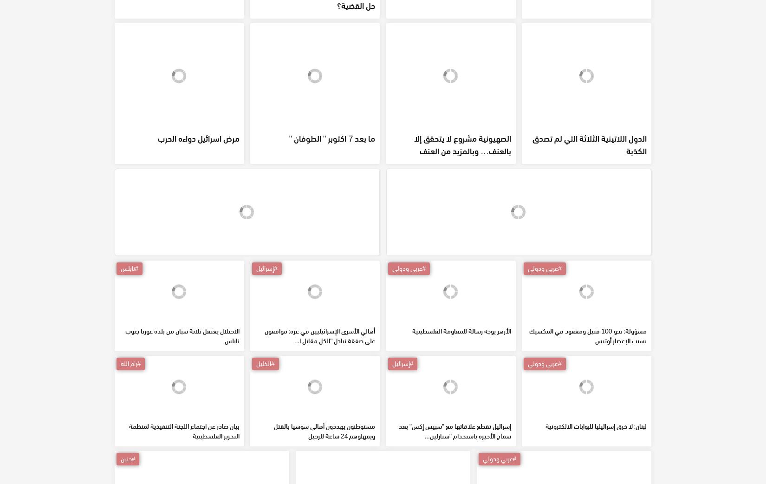 Image resolution: width=766 pixels, height=484 pixels. Describe the element at coordinates (462, 59) in the screenshot. I see `'ماذا تنتظرون؟!'` at that location.